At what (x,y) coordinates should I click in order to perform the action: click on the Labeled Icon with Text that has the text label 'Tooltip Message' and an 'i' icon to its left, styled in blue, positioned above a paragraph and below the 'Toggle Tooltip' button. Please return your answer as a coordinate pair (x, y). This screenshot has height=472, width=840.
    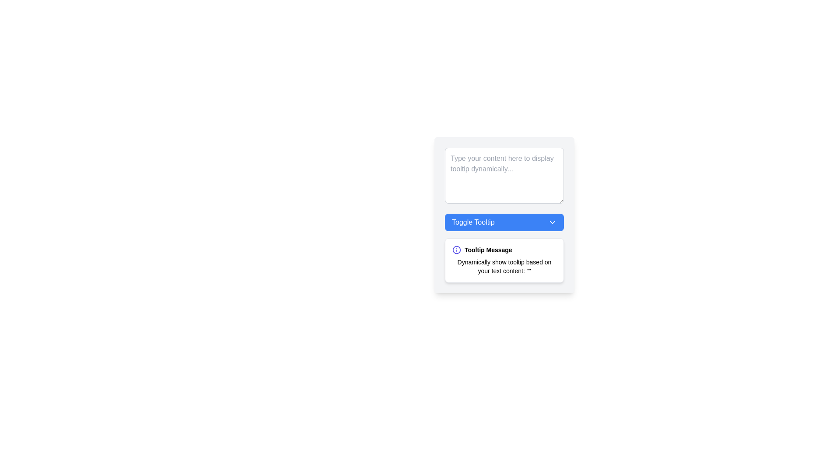
    Looking at the image, I should click on (504, 250).